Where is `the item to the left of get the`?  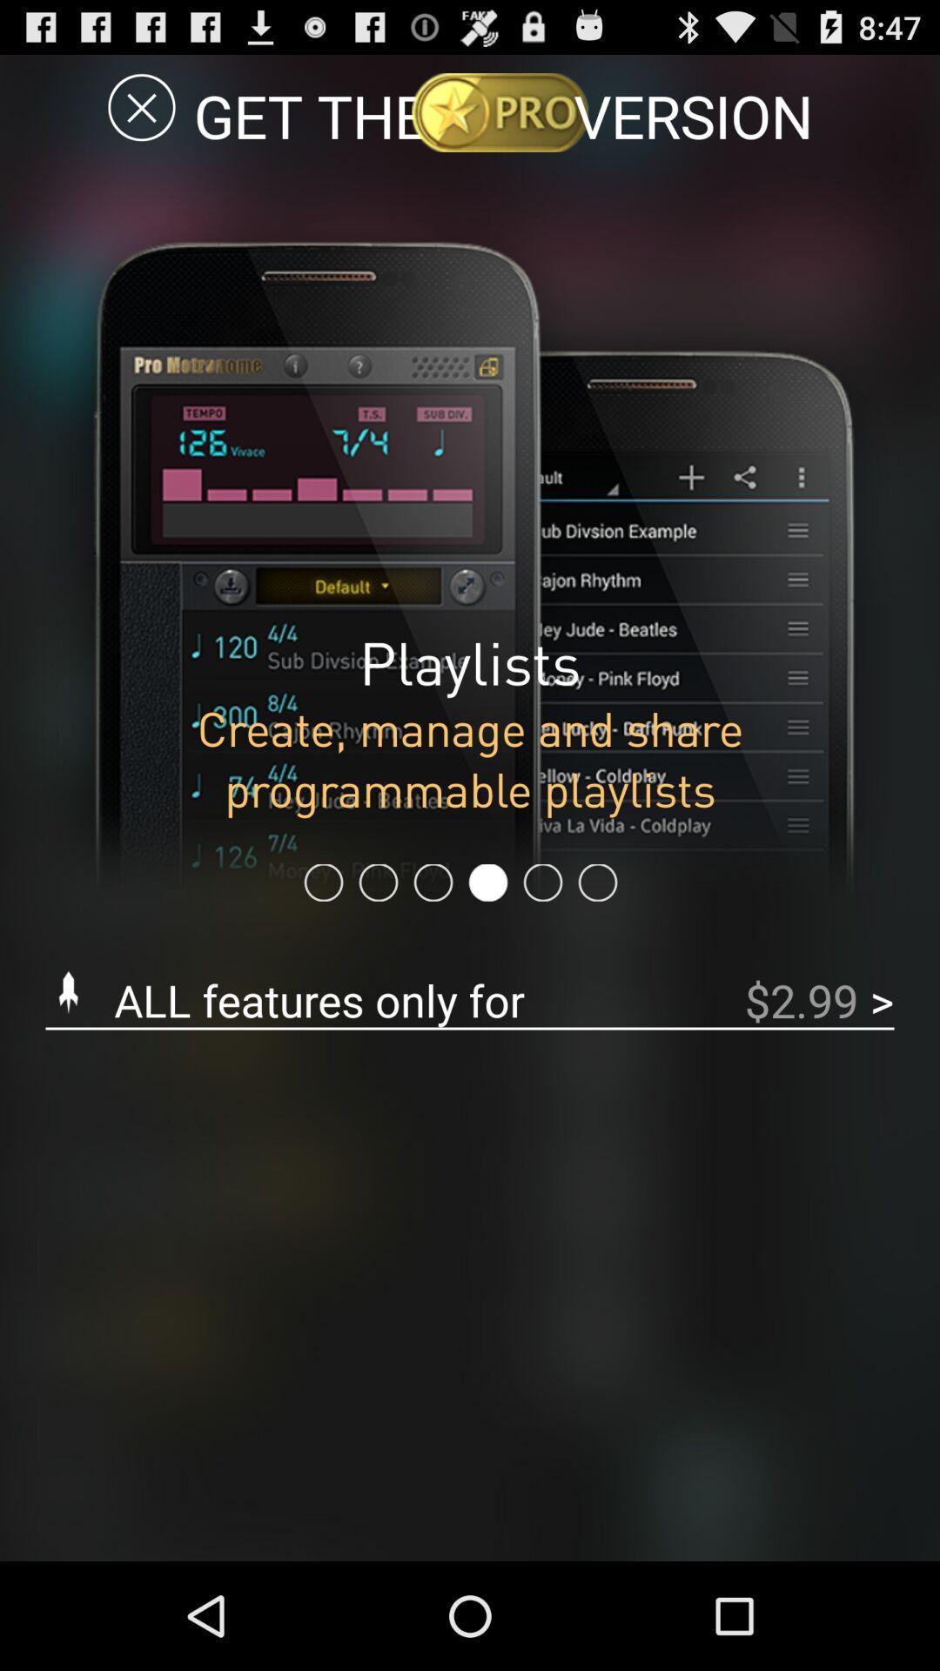
the item to the left of get the is located at coordinates (141, 106).